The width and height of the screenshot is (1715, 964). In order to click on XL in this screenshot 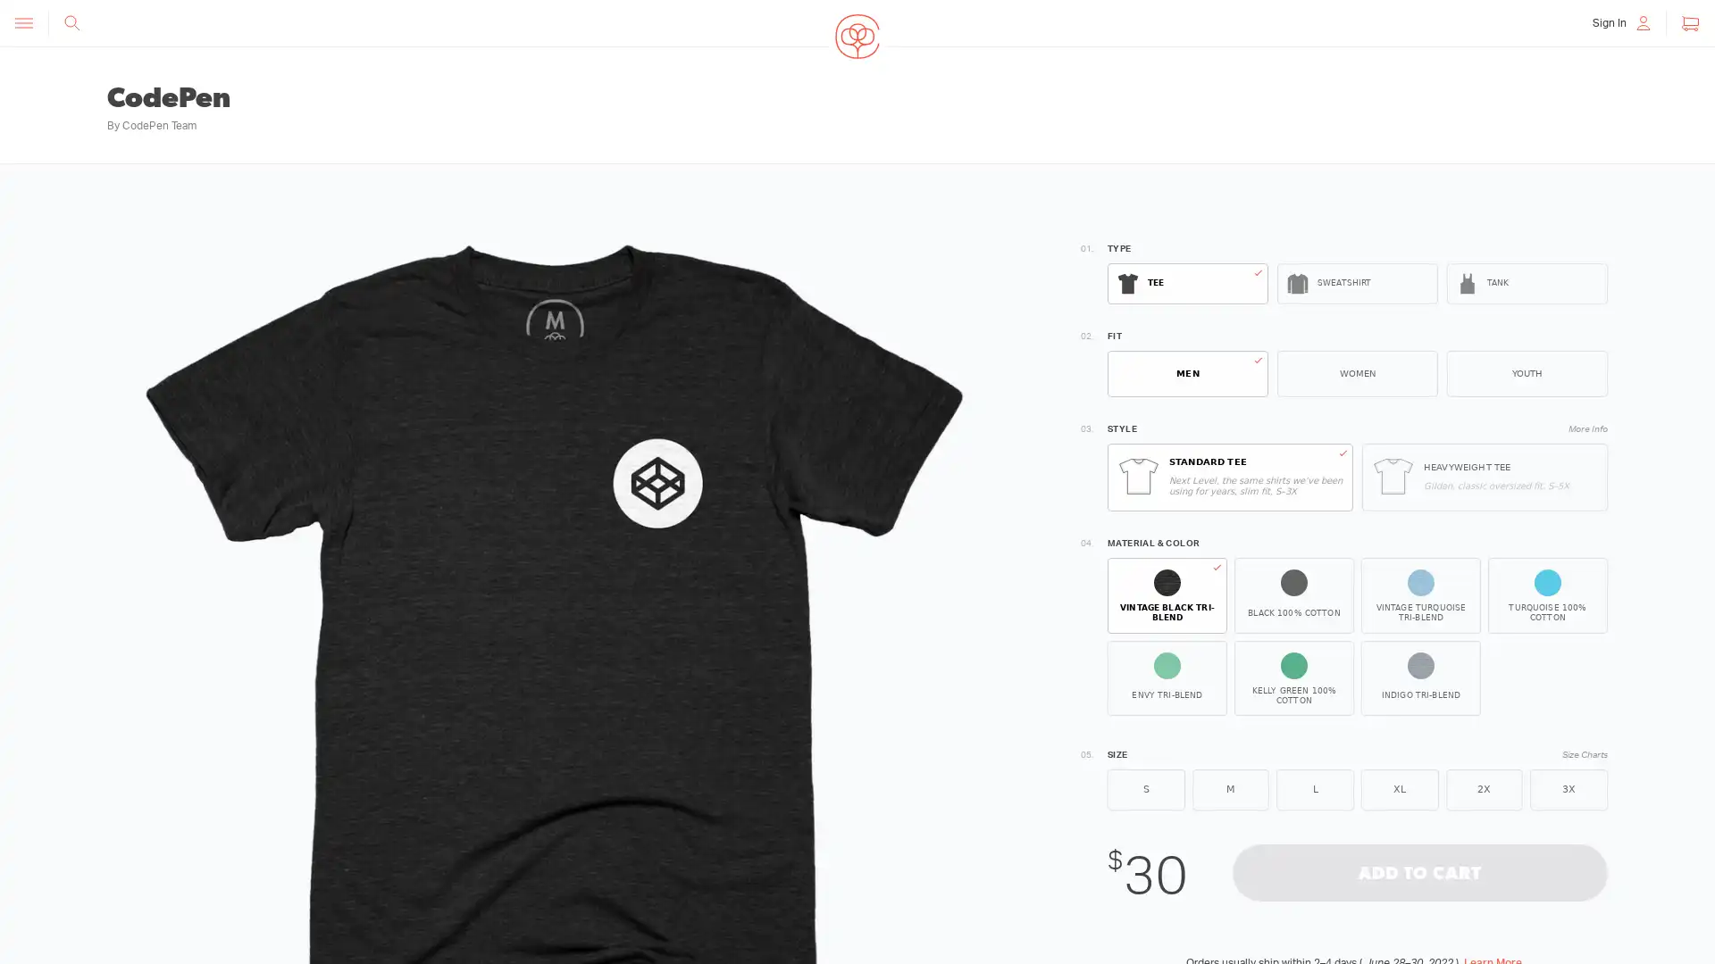, I will do `click(1398, 788)`.